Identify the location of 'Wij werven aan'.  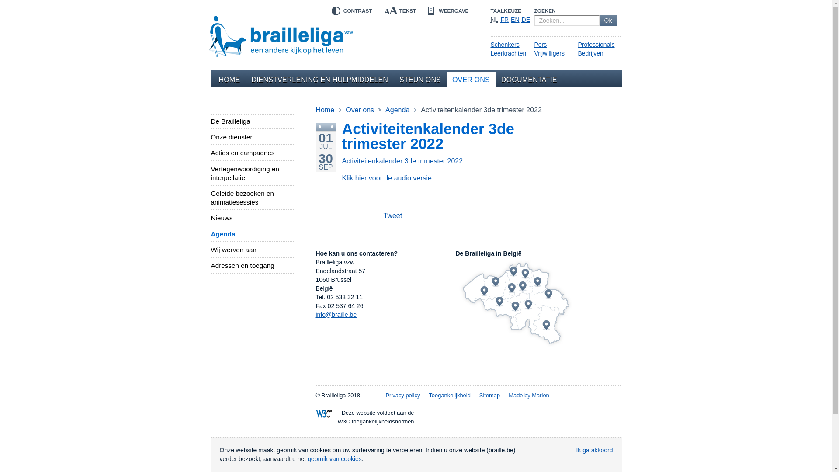
(210, 250).